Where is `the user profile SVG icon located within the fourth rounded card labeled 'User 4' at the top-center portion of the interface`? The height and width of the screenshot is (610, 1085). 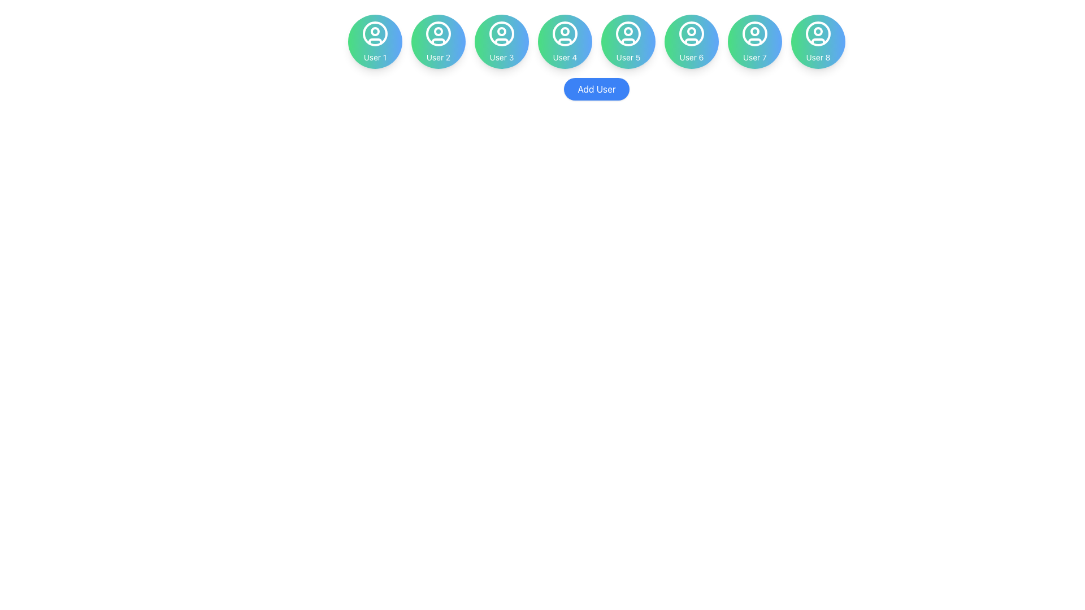 the user profile SVG icon located within the fourth rounded card labeled 'User 4' at the top-center portion of the interface is located at coordinates (565, 33).